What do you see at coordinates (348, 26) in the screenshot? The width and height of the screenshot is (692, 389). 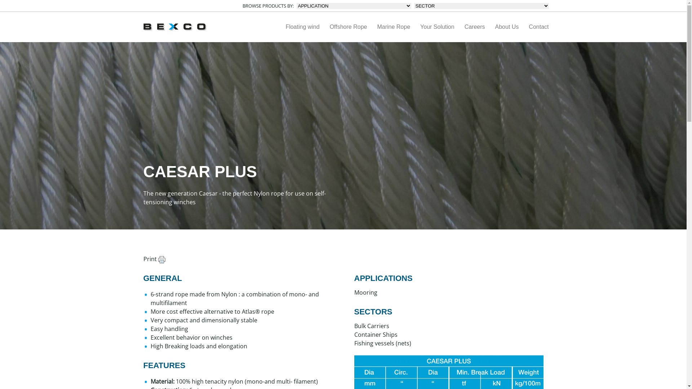 I see `'Offshore Rope'` at bounding box center [348, 26].